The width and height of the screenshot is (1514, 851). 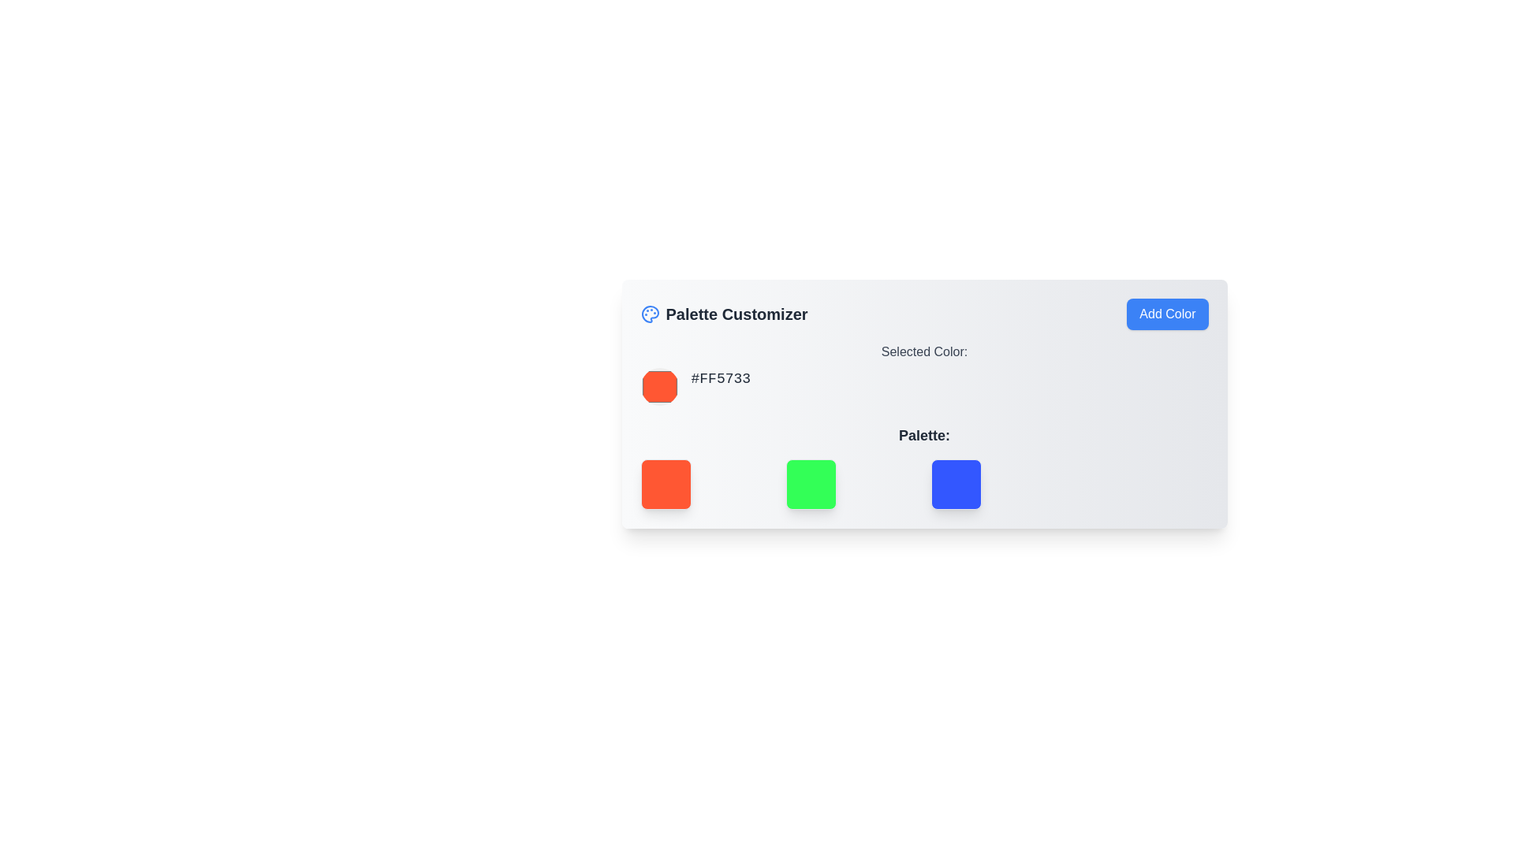 What do you see at coordinates (666, 483) in the screenshot?
I see `the leftmost color selection block, which is a square-shaped button with a red background and slightly rounded corners` at bounding box center [666, 483].